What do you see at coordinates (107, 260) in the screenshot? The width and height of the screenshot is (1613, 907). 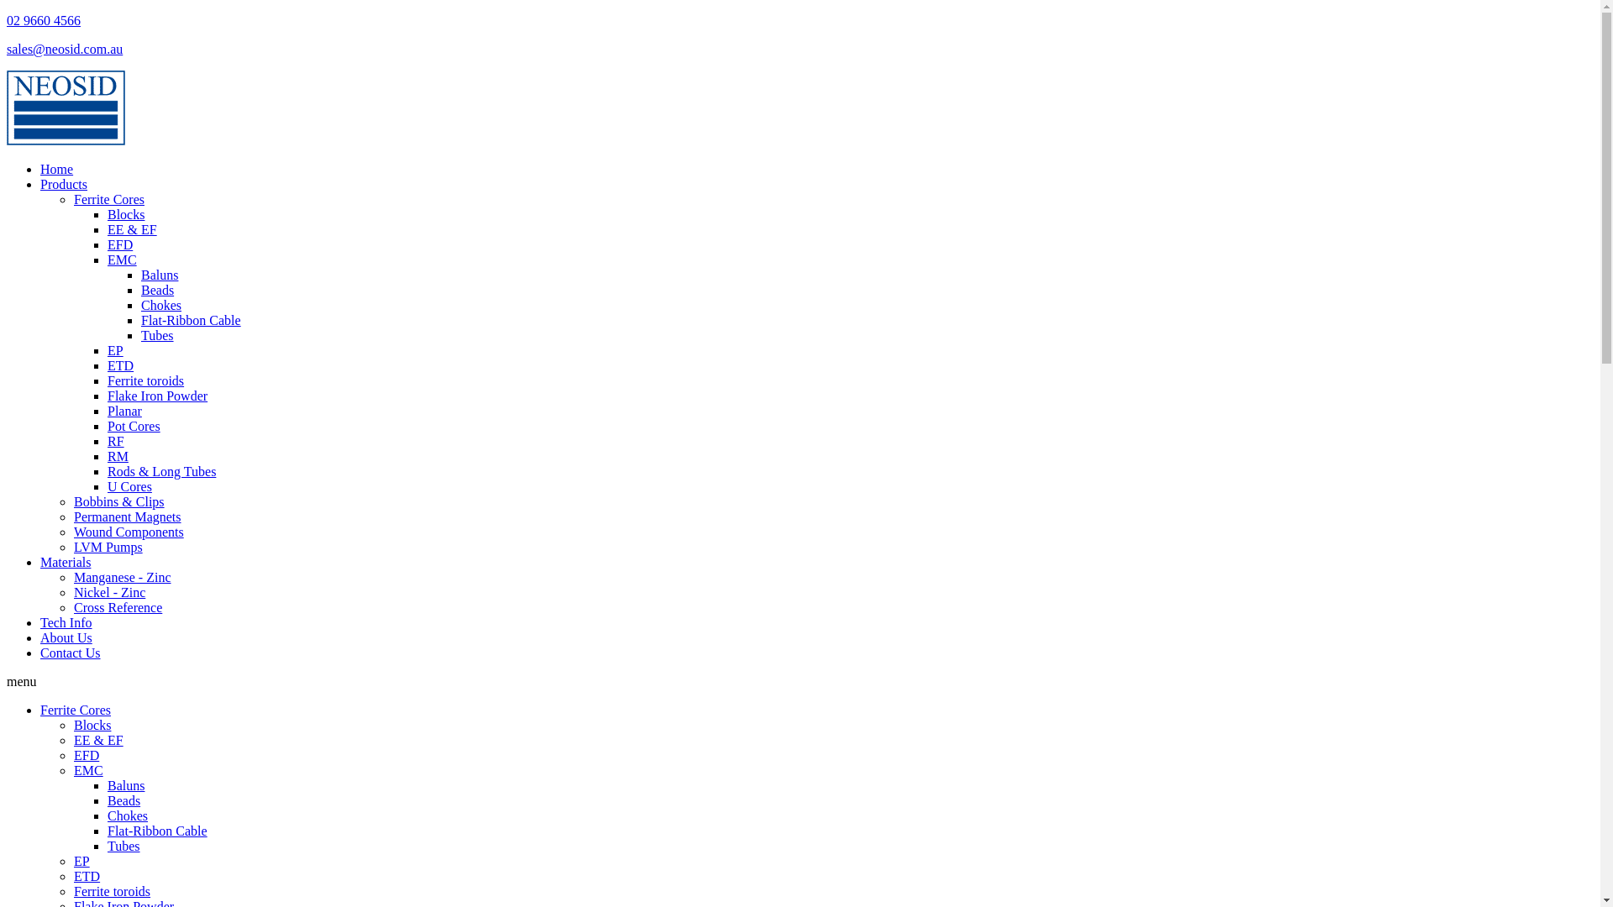 I see `'EMC'` at bounding box center [107, 260].